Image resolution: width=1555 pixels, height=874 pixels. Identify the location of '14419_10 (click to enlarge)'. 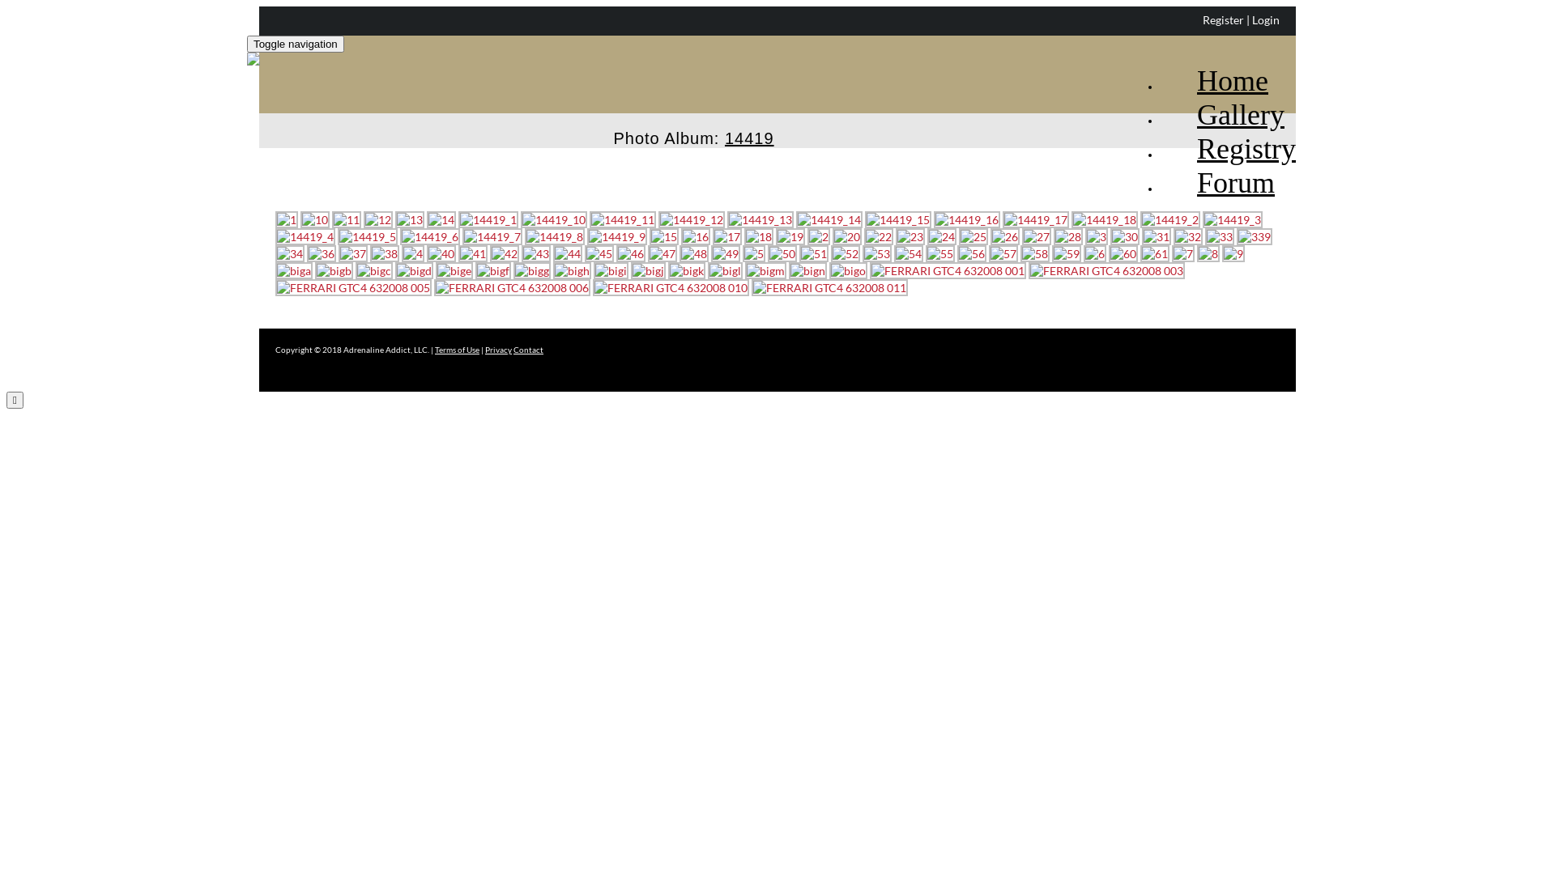
(554, 219).